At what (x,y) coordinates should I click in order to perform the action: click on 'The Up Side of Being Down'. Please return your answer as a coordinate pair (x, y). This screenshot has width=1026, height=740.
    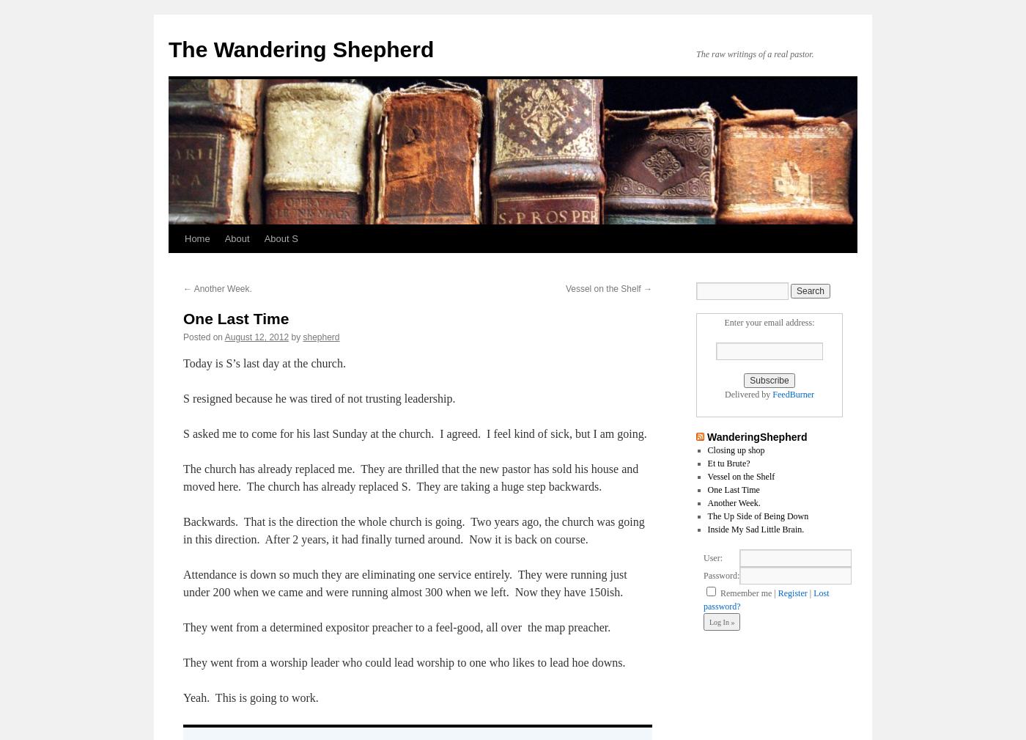
    Looking at the image, I should click on (707, 516).